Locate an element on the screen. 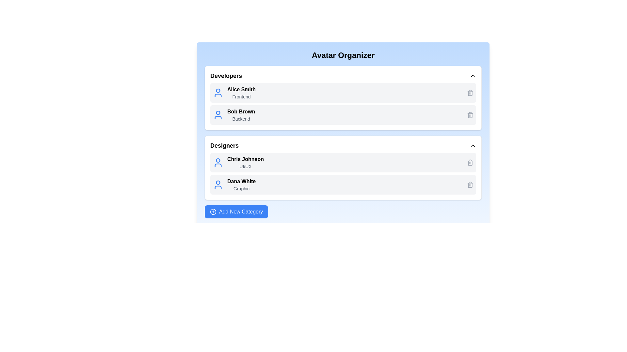  head-circle icon representing 'Bob Brown' in the developers list, located in the left section of the user row is located at coordinates (218, 112).